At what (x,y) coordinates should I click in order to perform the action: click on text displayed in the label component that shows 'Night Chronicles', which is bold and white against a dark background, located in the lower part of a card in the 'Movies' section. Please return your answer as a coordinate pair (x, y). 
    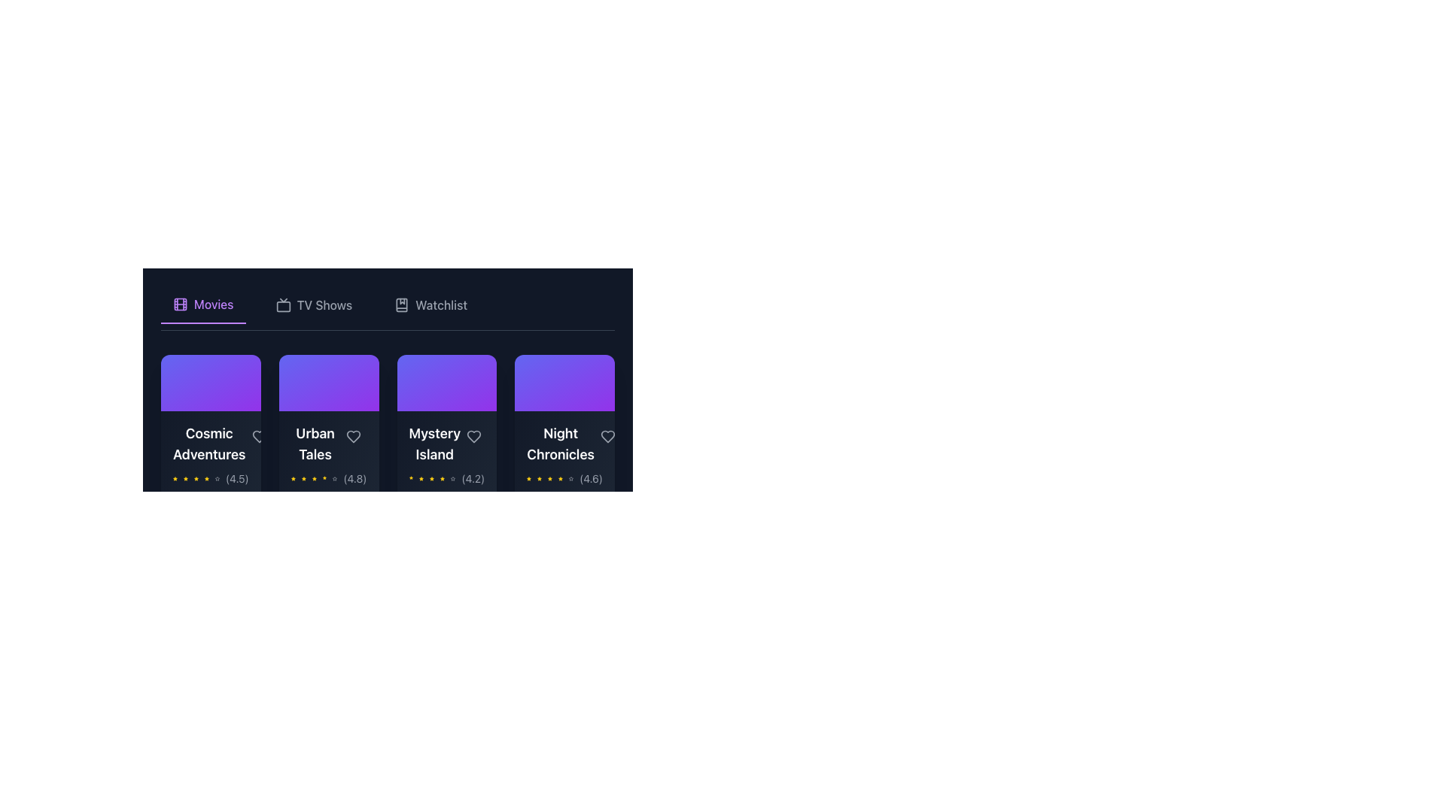
    Looking at the image, I should click on (564, 443).